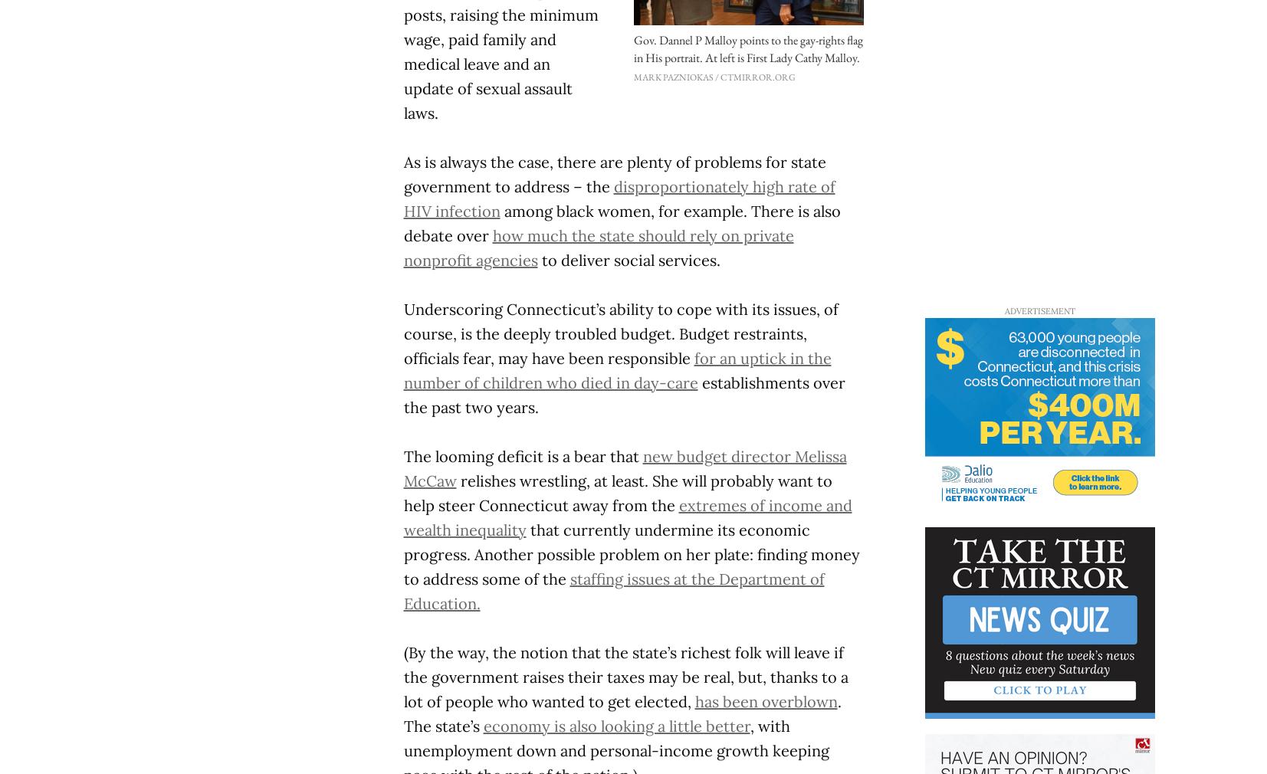  I want to click on 'The looming deficit is a bear that', so click(522, 454).